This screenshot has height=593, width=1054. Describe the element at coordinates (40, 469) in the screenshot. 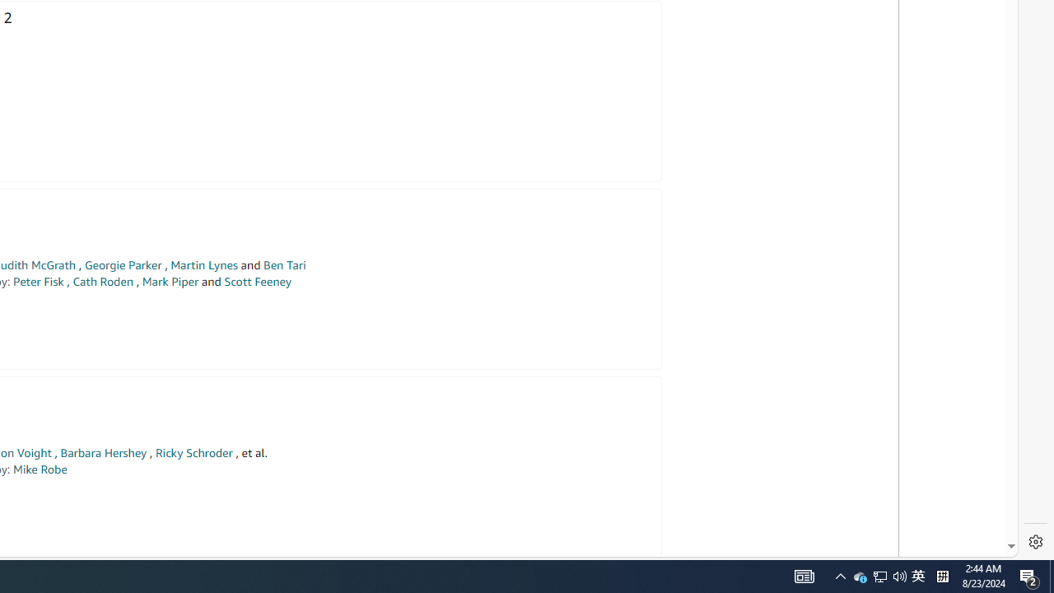

I see `'Mike Robe'` at that location.